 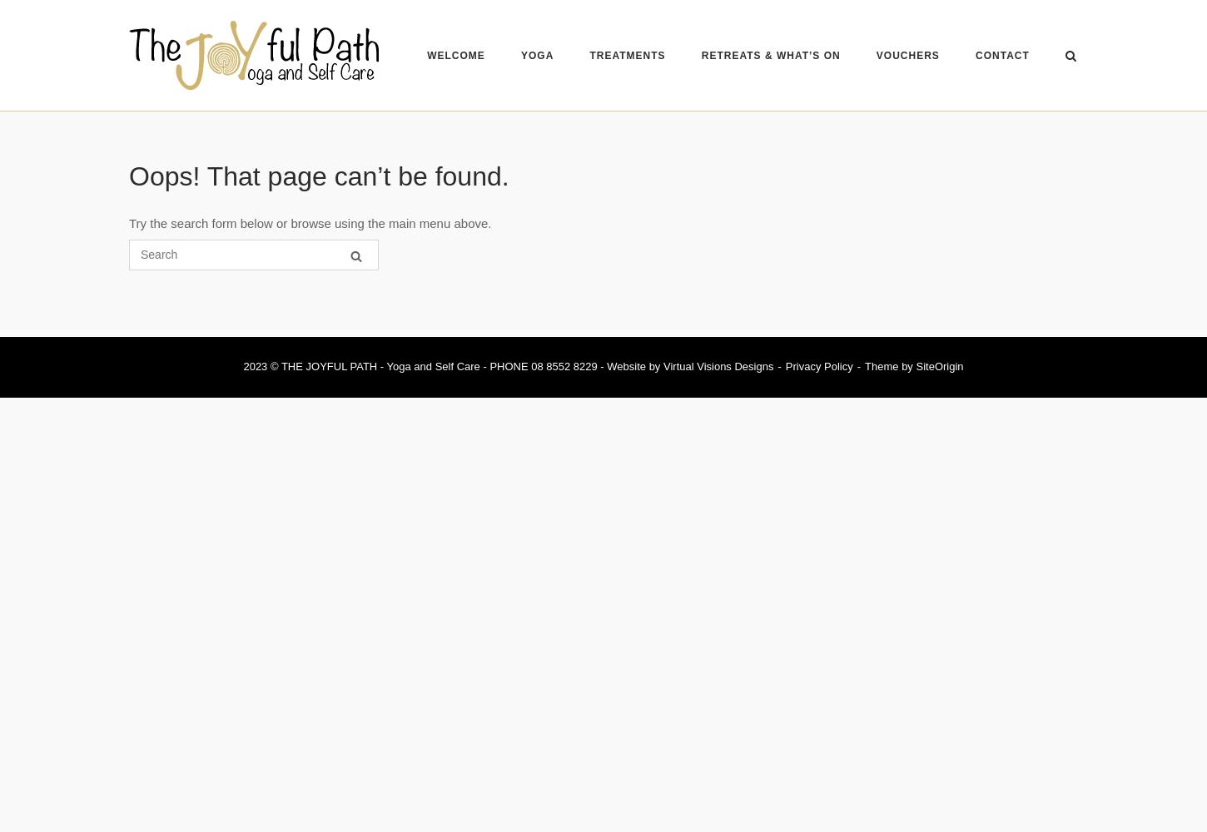 What do you see at coordinates (427, 54) in the screenshot?
I see `'WELCOME'` at bounding box center [427, 54].